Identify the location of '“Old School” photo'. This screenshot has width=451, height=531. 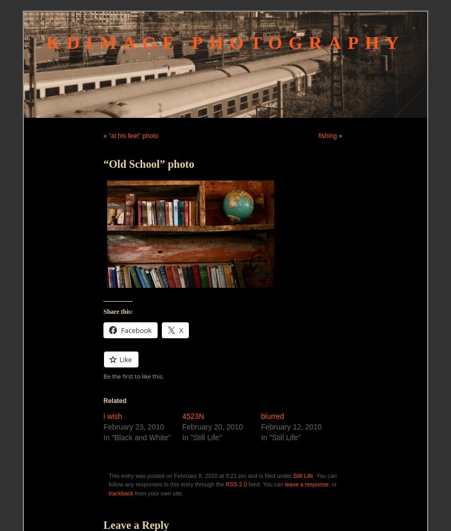
(148, 164).